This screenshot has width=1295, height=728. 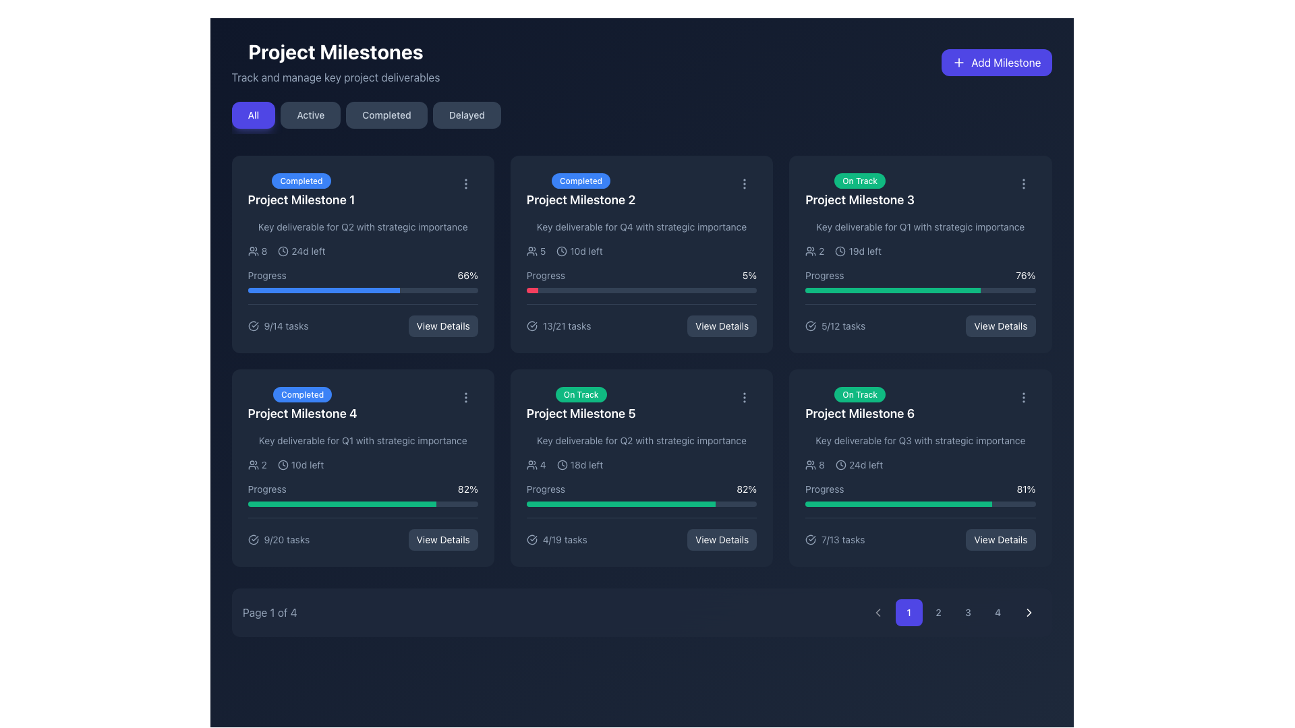 What do you see at coordinates (810, 326) in the screenshot?
I see `the status of the small circular icon with a check mark inside a circle, located in the top-right card titled 'Project Milestone 3', positioned to the left of the '5/12 tasks' text` at bounding box center [810, 326].